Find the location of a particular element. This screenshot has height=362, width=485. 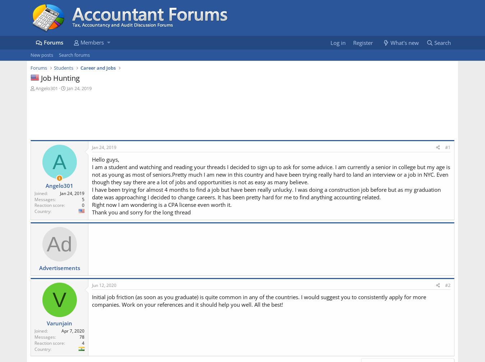

'Advertisements' is located at coordinates (59, 268).